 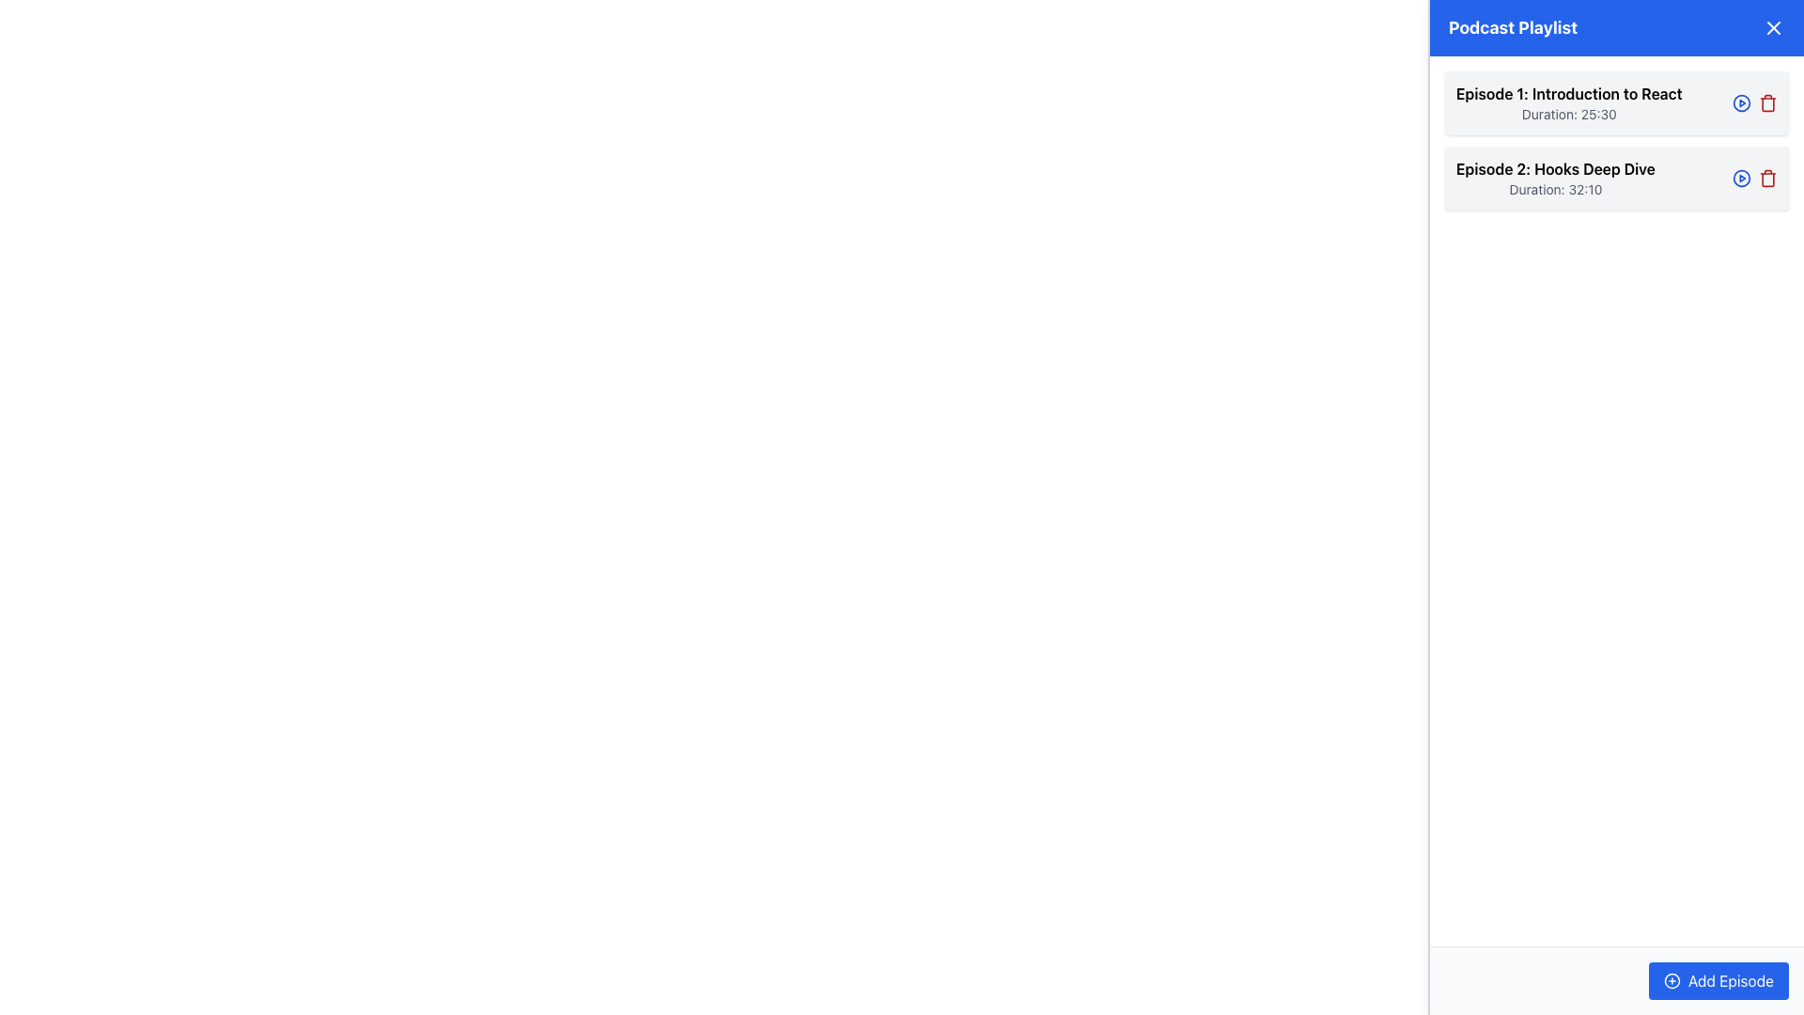 I want to click on the play button, which is a circular graphic with a blue border, located beside 'Episode 2: Hooks Deep Dive' in the Podcast Playlist panel, so click(x=1740, y=178).